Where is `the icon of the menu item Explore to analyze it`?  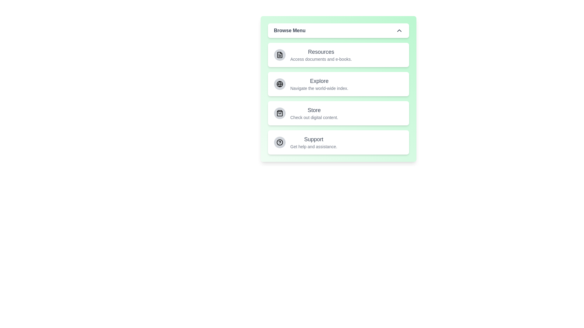
the icon of the menu item Explore to analyze it is located at coordinates (279, 84).